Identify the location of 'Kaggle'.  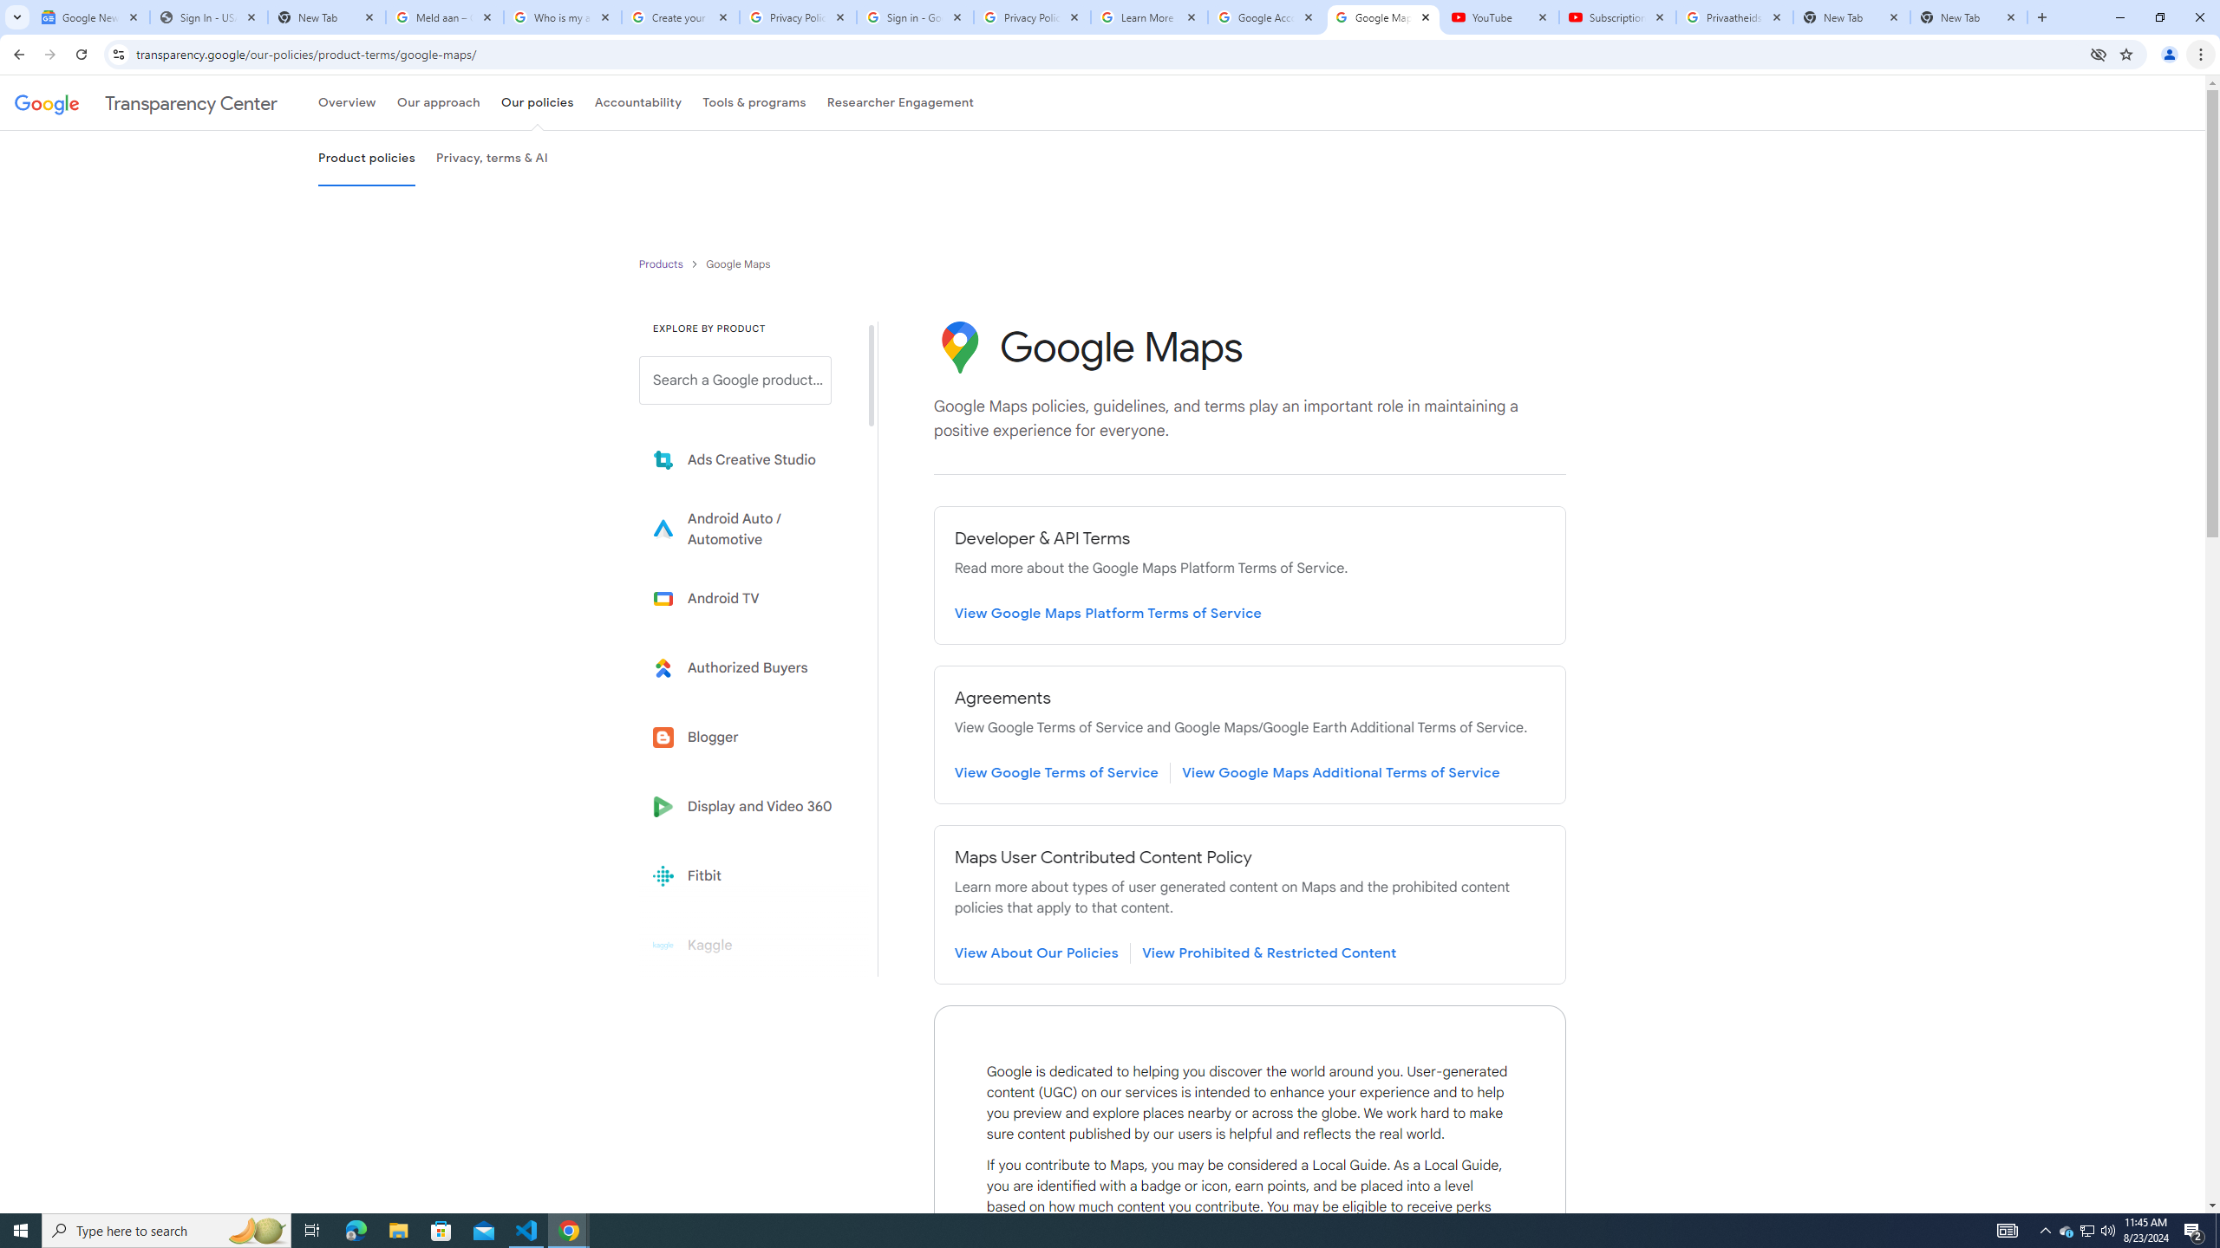
(747, 944).